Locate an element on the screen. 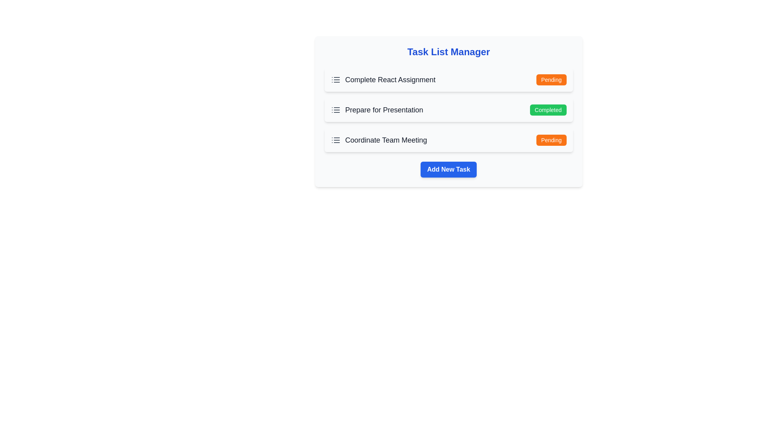  'Add New Task' button to initiate the addition of a new task is located at coordinates (448, 169).